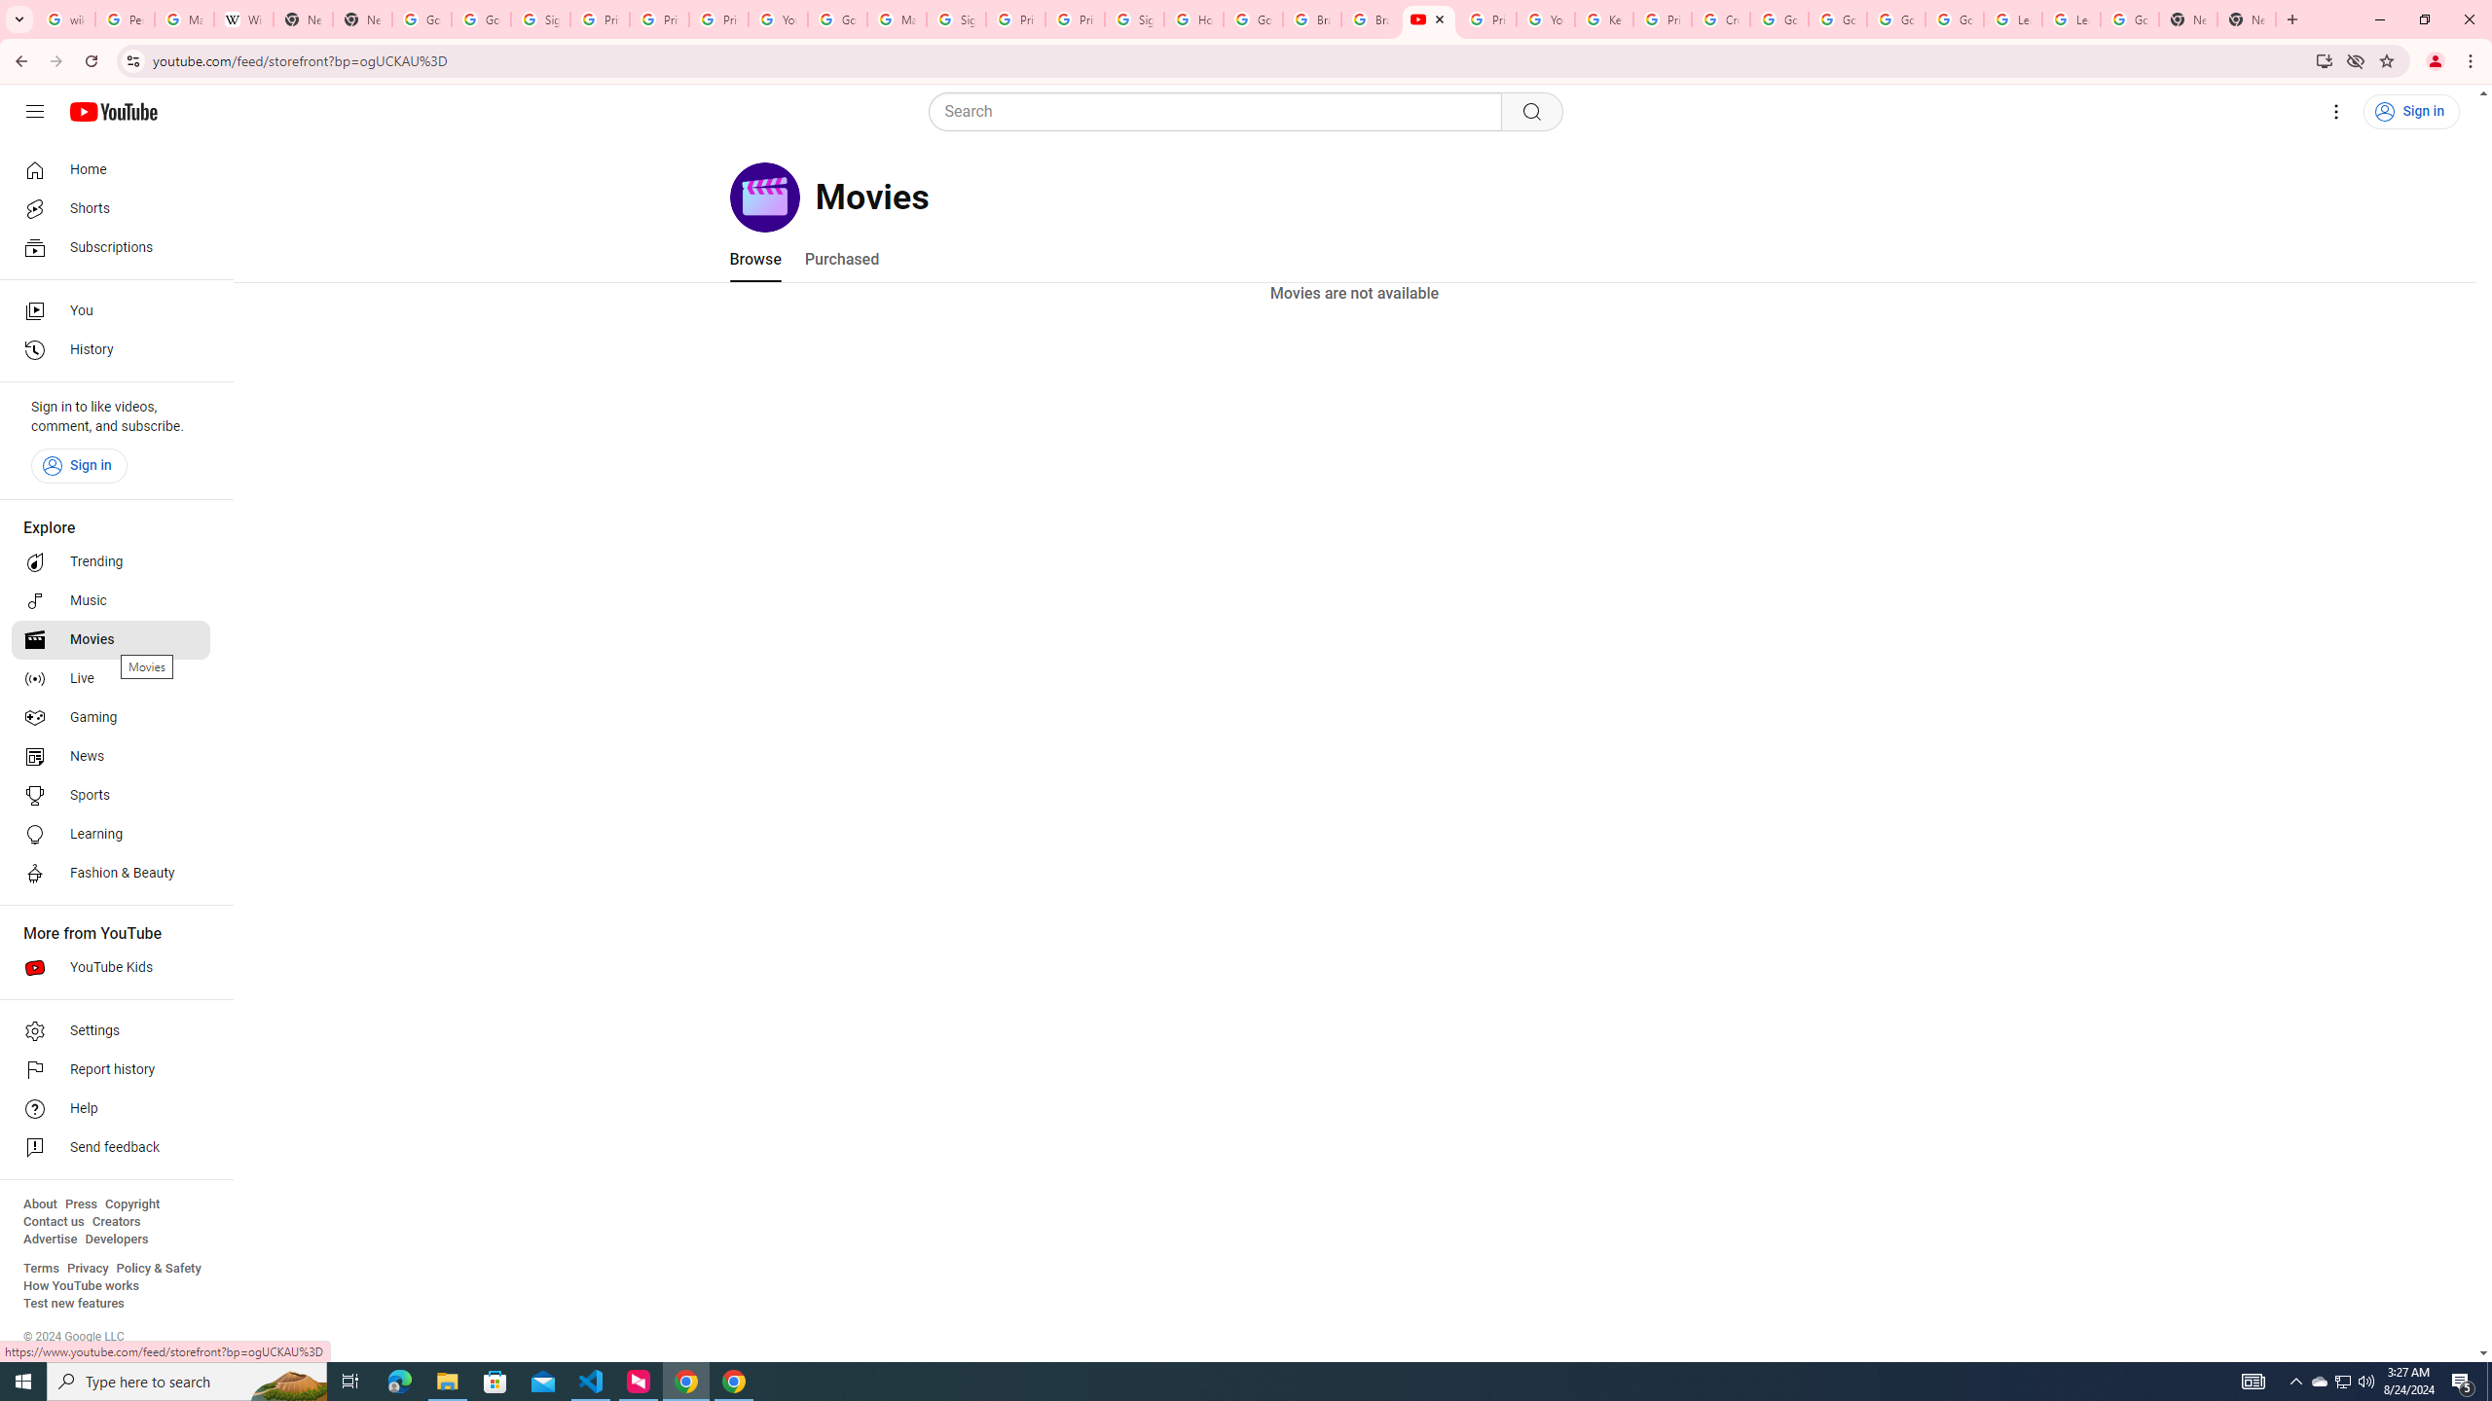  What do you see at coordinates (53, 1221) in the screenshot?
I see `'Contact us'` at bounding box center [53, 1221].